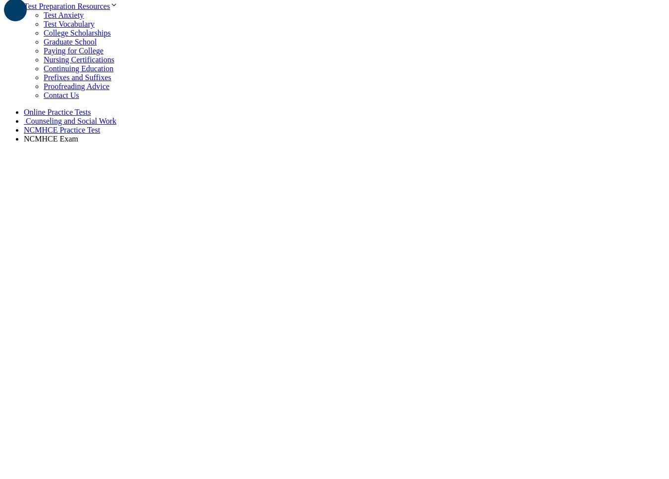  I want to click on 'Graduate School', so click(43, 41).